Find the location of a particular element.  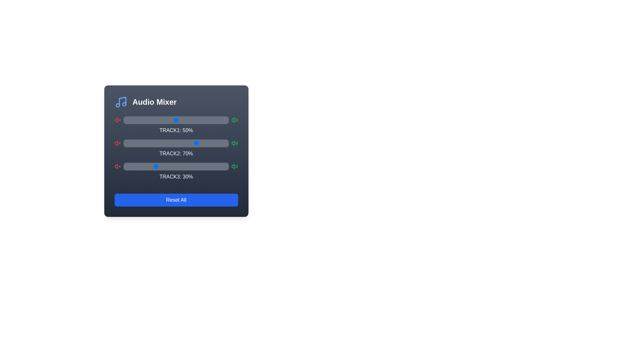

the text displaying the volume percentage for Track 3 is located at coordinates (176, 171).